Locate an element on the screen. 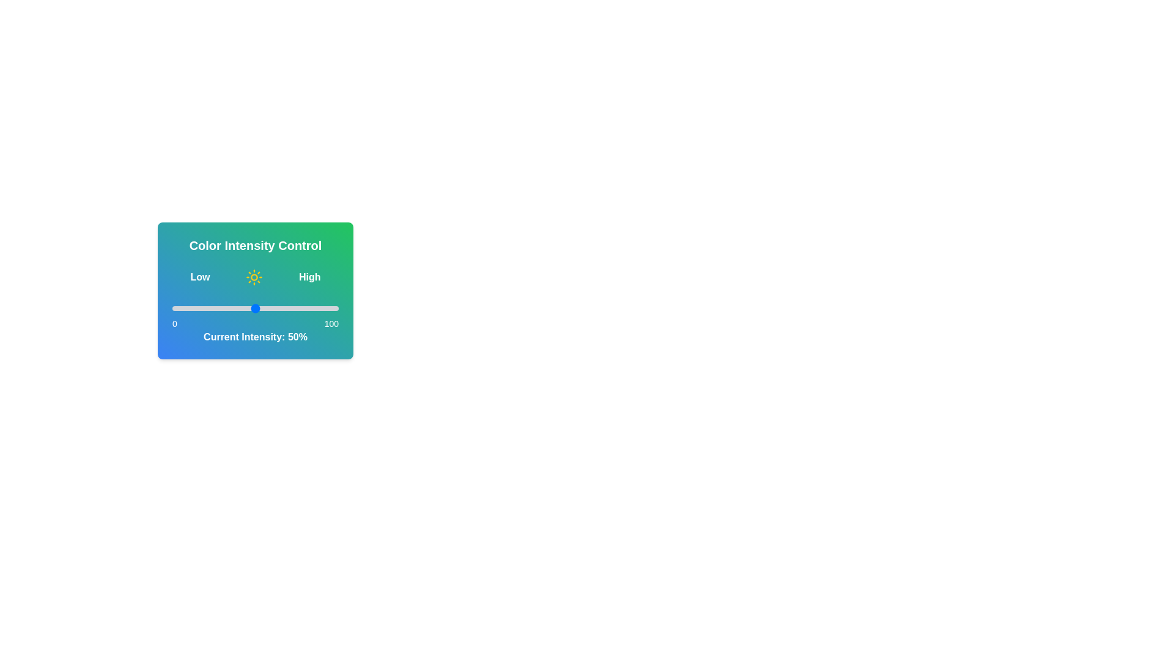 The width and height of the screenshot is (1174, 660). the intensity value is located at coordinates (325, 308).